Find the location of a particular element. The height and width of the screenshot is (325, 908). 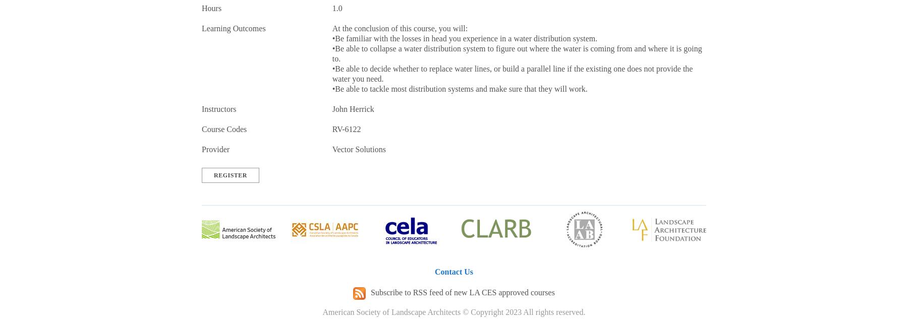

'1.0' is located at coordinates (336, 8).